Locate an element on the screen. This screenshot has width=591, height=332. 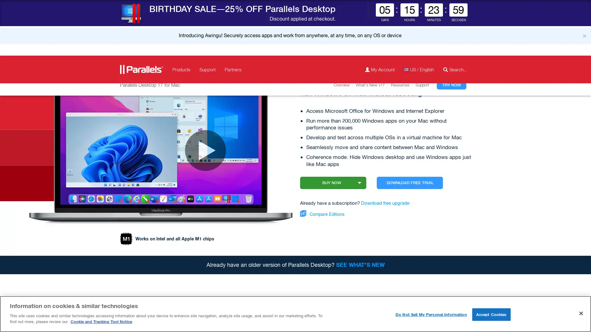
Close is located at coordinates (584, 60).